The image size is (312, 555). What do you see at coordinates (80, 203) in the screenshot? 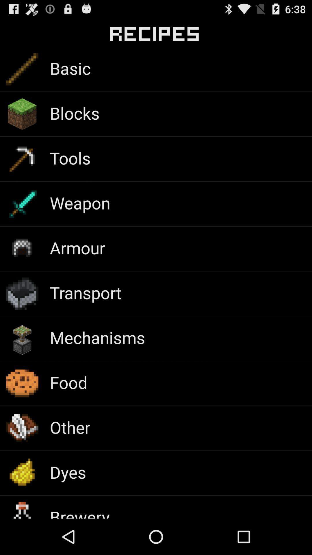
I see `weapon app` at bounding box center [80, 203].